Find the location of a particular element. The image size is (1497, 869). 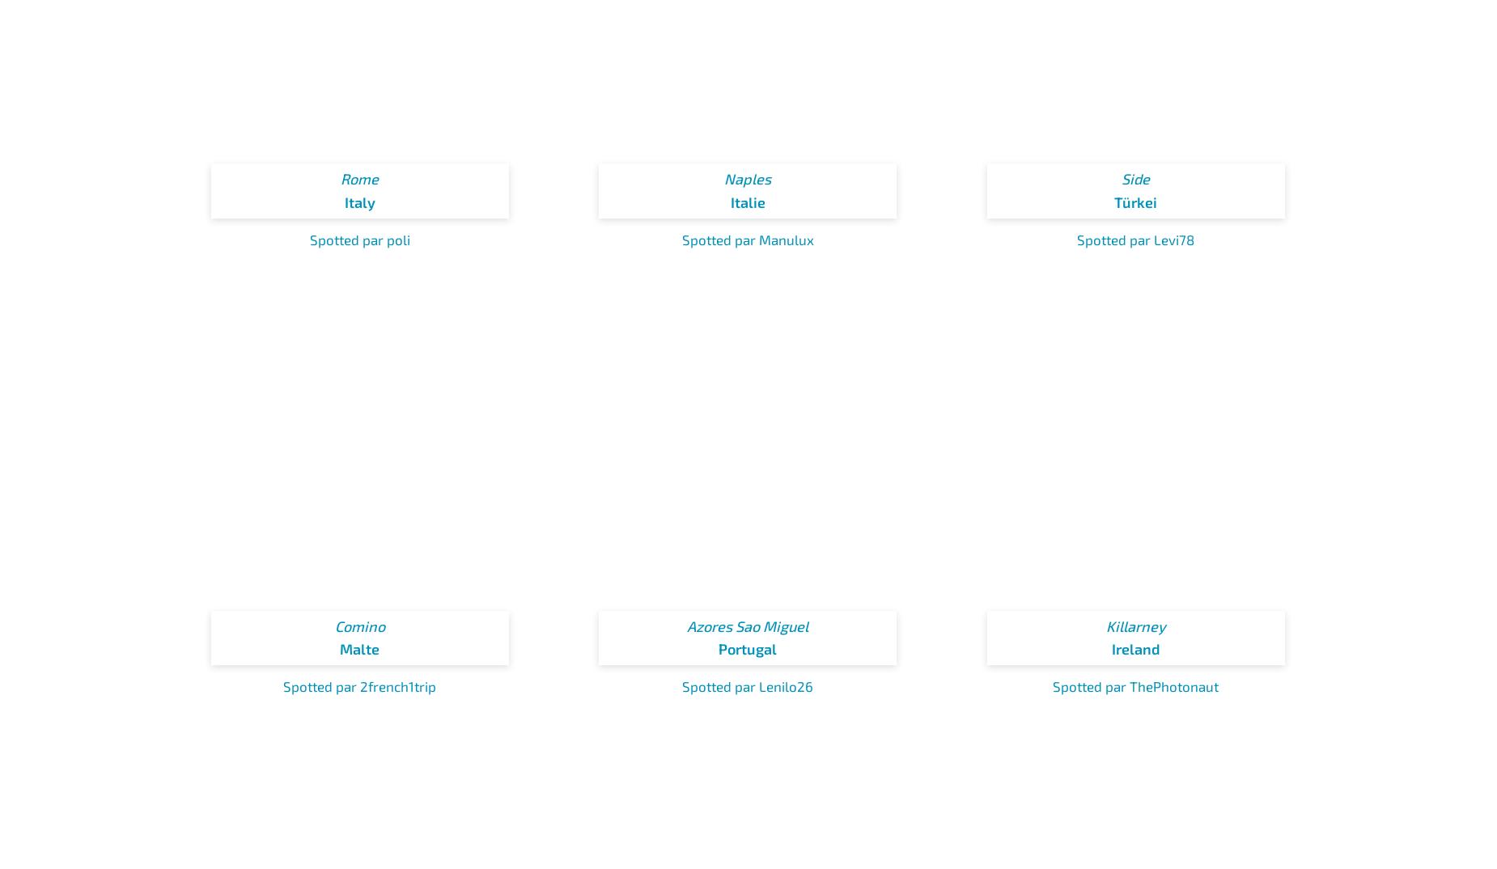

'Side' is located at coordinates (1135, 178).